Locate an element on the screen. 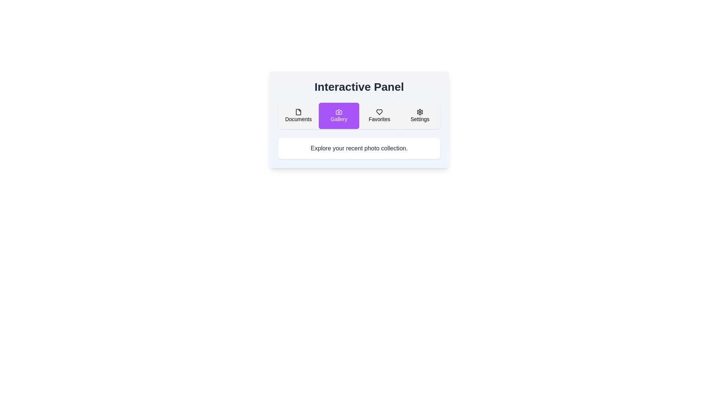  descriptive label for the button indicating a Gallery-related action, which is located at the bottom-center part of the second button labeled 'Gallery' is located at coordinates (338, 118).